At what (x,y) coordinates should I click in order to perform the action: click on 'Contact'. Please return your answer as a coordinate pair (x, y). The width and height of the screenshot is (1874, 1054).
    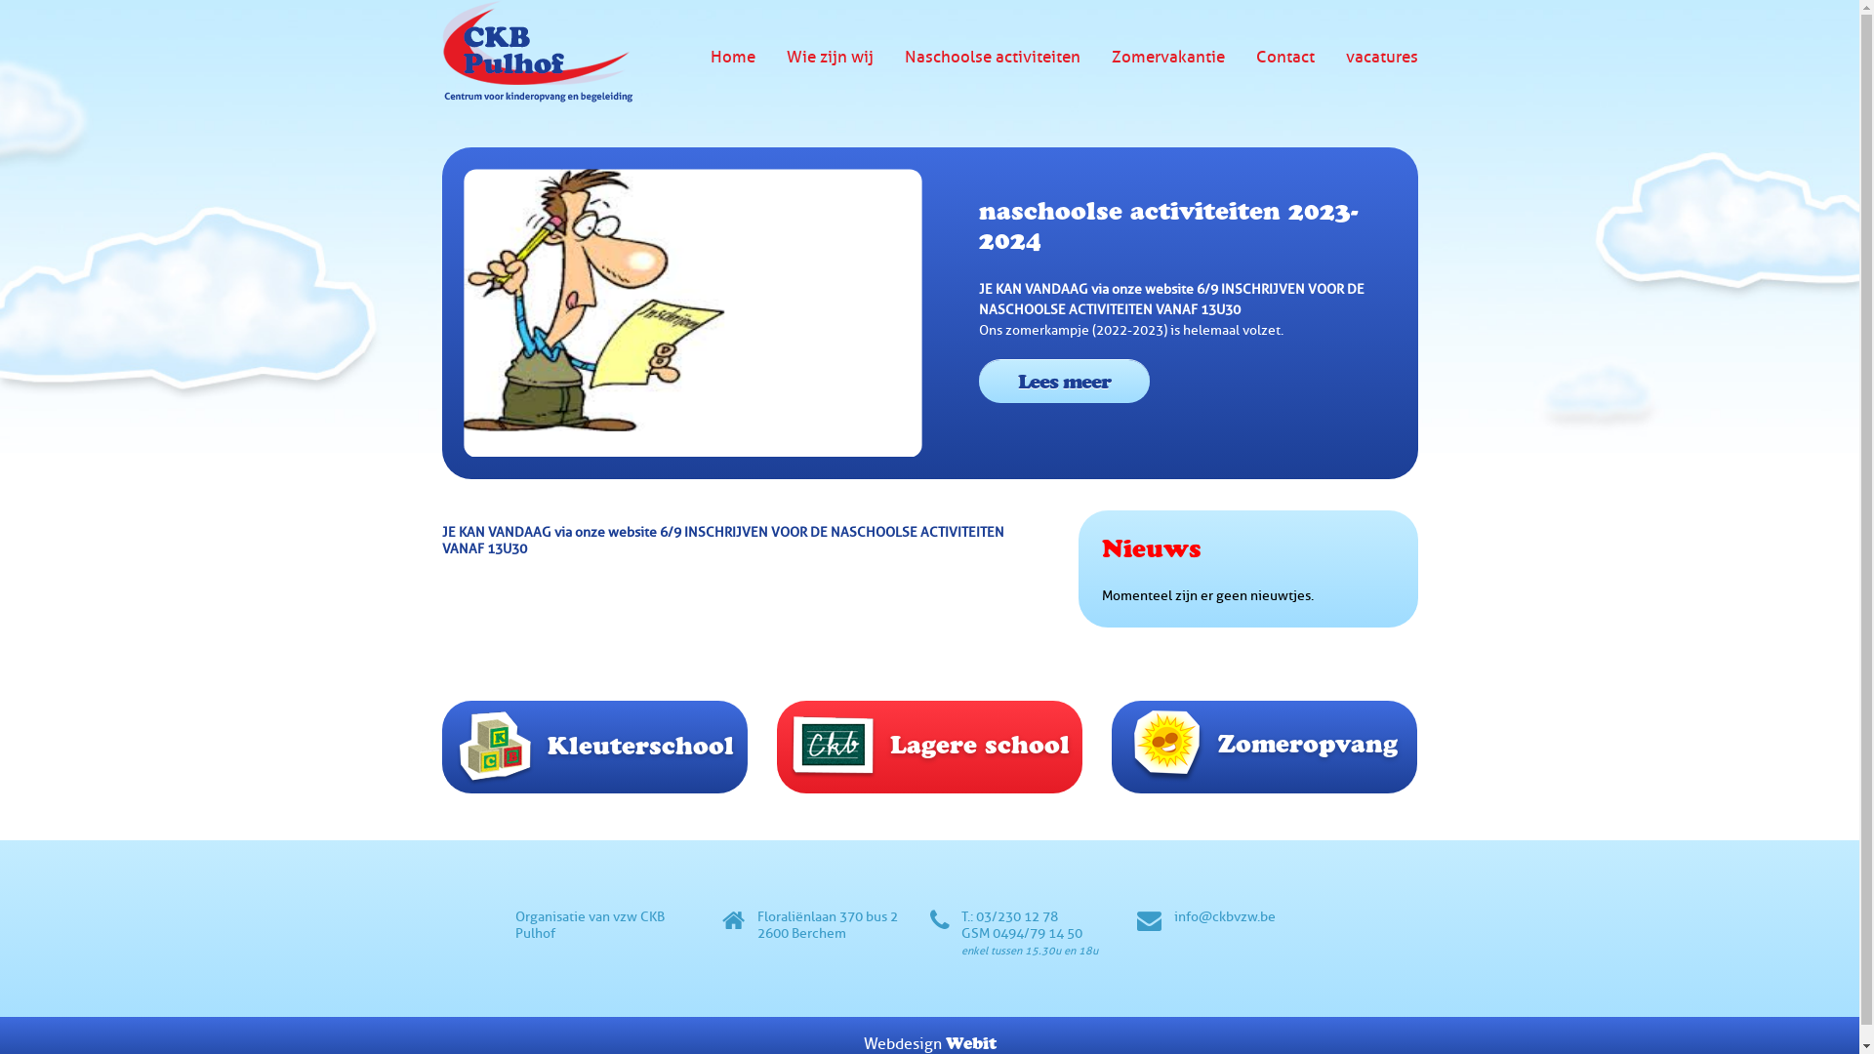
    Looking at the image, I should click on (1283, 56).